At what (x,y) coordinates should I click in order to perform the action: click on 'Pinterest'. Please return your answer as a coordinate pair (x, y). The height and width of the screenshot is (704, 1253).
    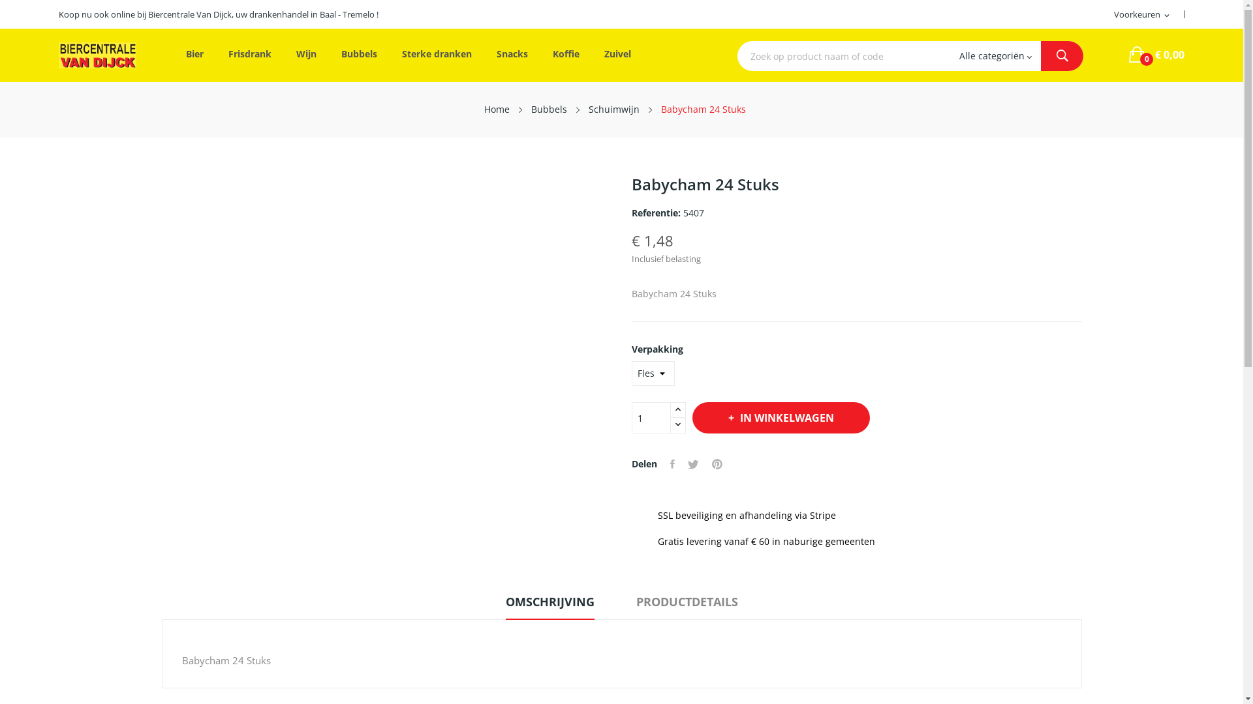
    Looking at the image, I should click on (716, 463).